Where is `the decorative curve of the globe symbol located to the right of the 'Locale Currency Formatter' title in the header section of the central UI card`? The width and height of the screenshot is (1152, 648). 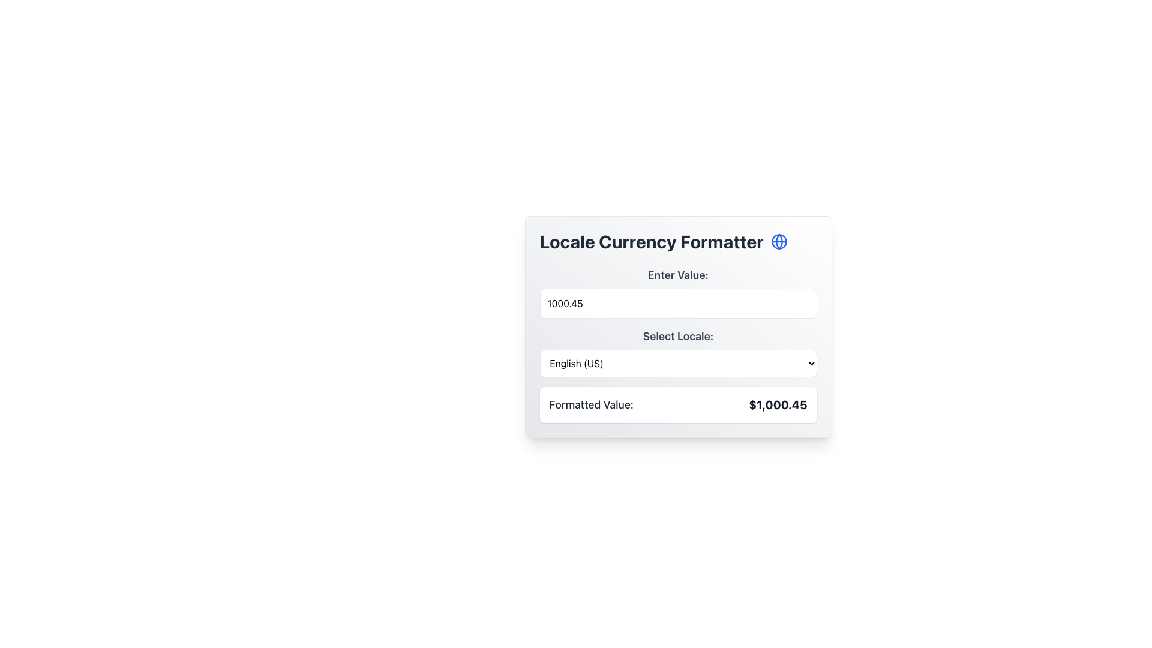
the decorative curve of the globe symbol located to the right of the 'Locale Currency Formatter' title in the header section of the central UI card is located at coordinates (779, 241).